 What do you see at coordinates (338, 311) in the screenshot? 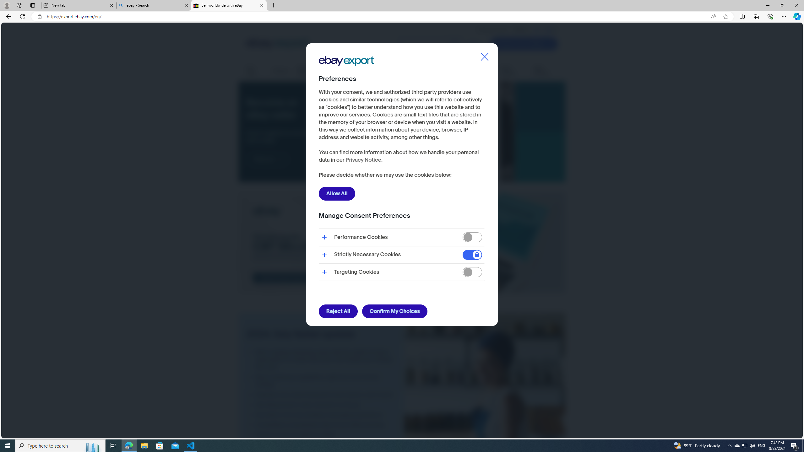
I see `'Reject All'` at bounding box center [338, 311].